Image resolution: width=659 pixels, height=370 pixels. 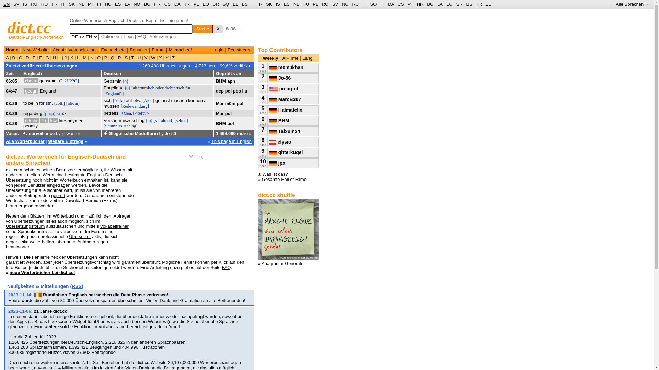 I want to click on 'Mar', so click(x=220, y=113).